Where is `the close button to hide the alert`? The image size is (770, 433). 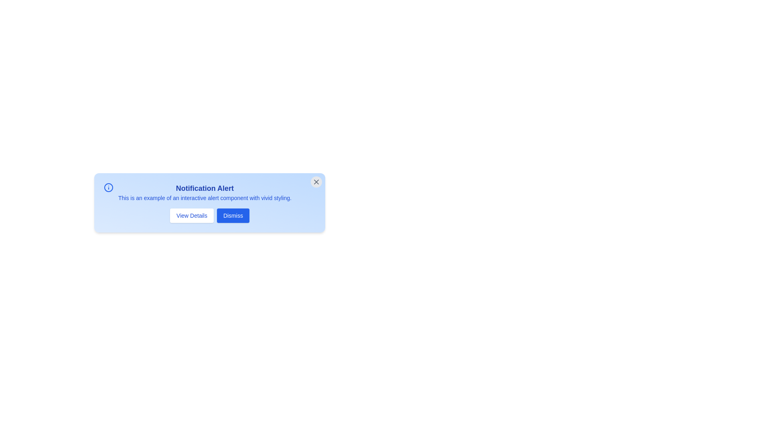
the close button to hide the alert is located at coordinates (316, 182).